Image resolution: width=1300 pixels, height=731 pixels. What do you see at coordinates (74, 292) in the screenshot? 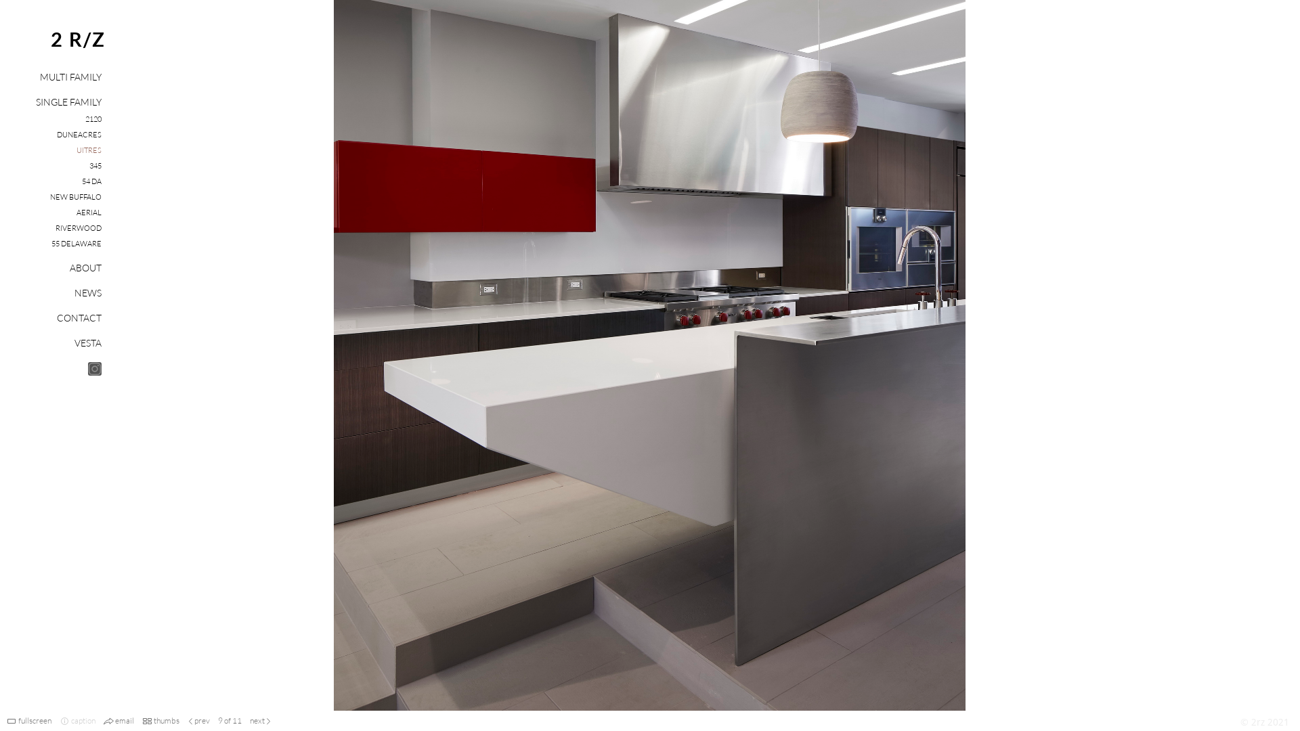
I see `'NEWS'` at bounding box center [74, 292].